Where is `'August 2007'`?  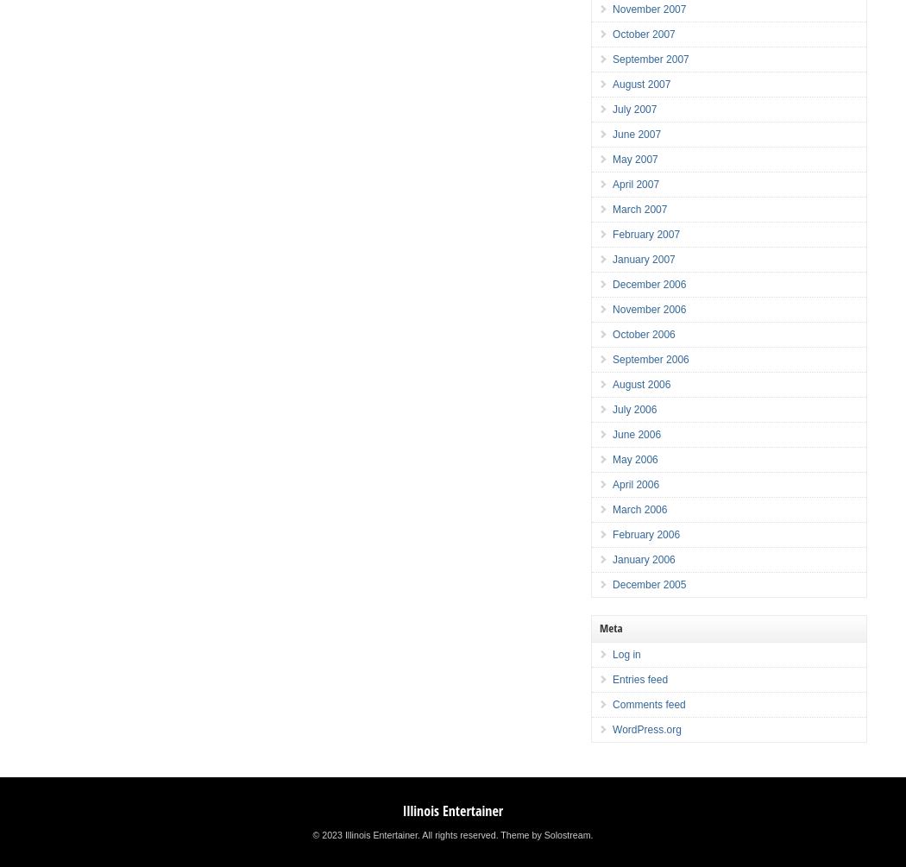
'August 2007' is located at coordinates (640, 84).